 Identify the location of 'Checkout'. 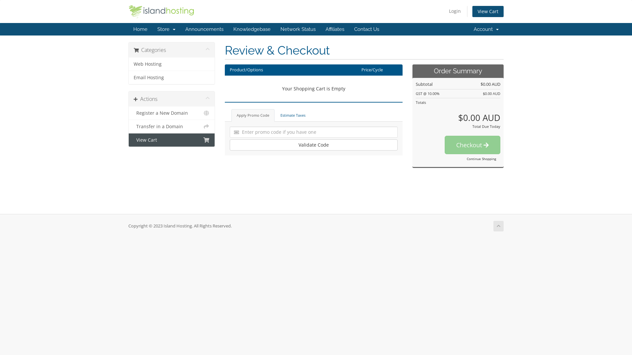
(472, 144).